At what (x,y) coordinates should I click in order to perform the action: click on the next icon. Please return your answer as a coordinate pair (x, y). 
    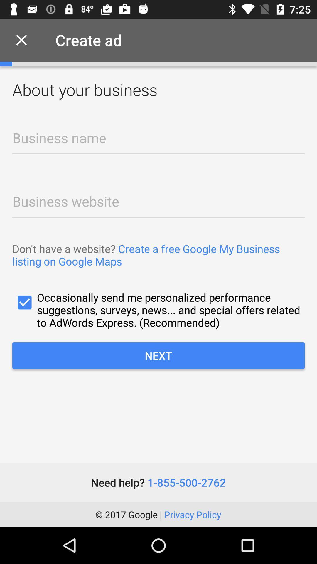
    Looking at the image, I should click on (158, 355).